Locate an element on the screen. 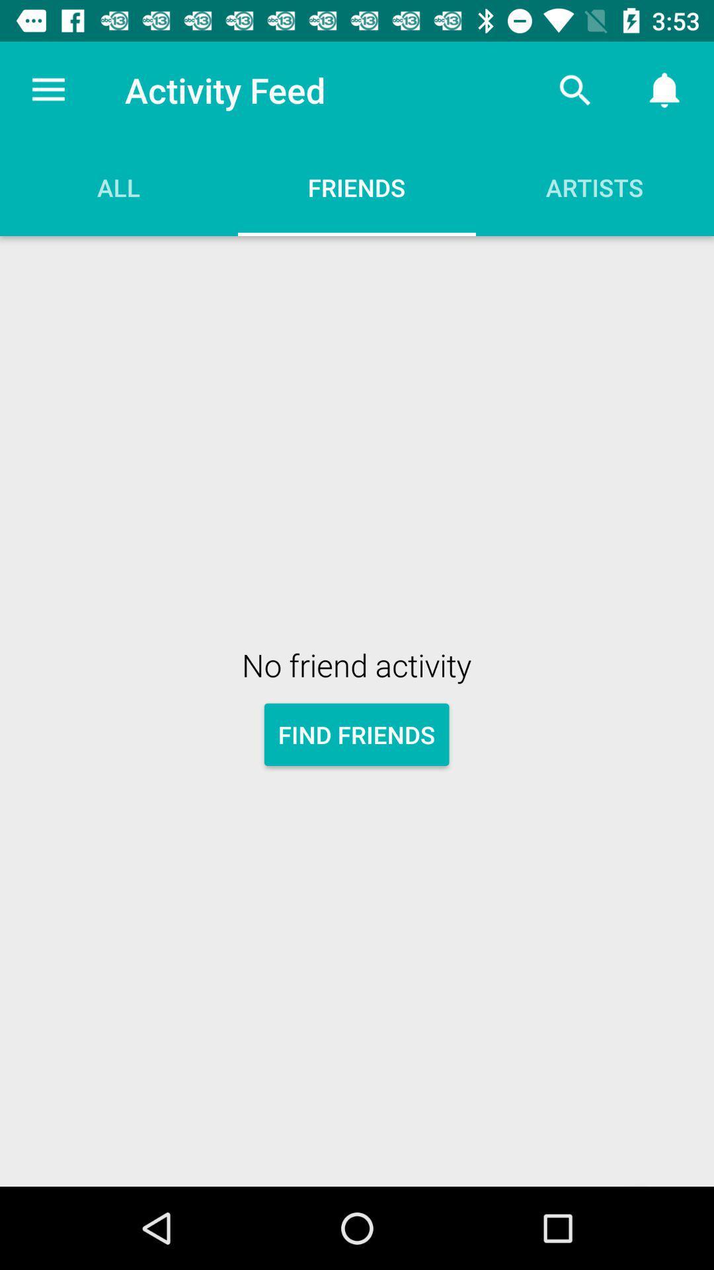 The image size is (714, 1270). icon to the right of activity feed is located at coordinates (575, 89).